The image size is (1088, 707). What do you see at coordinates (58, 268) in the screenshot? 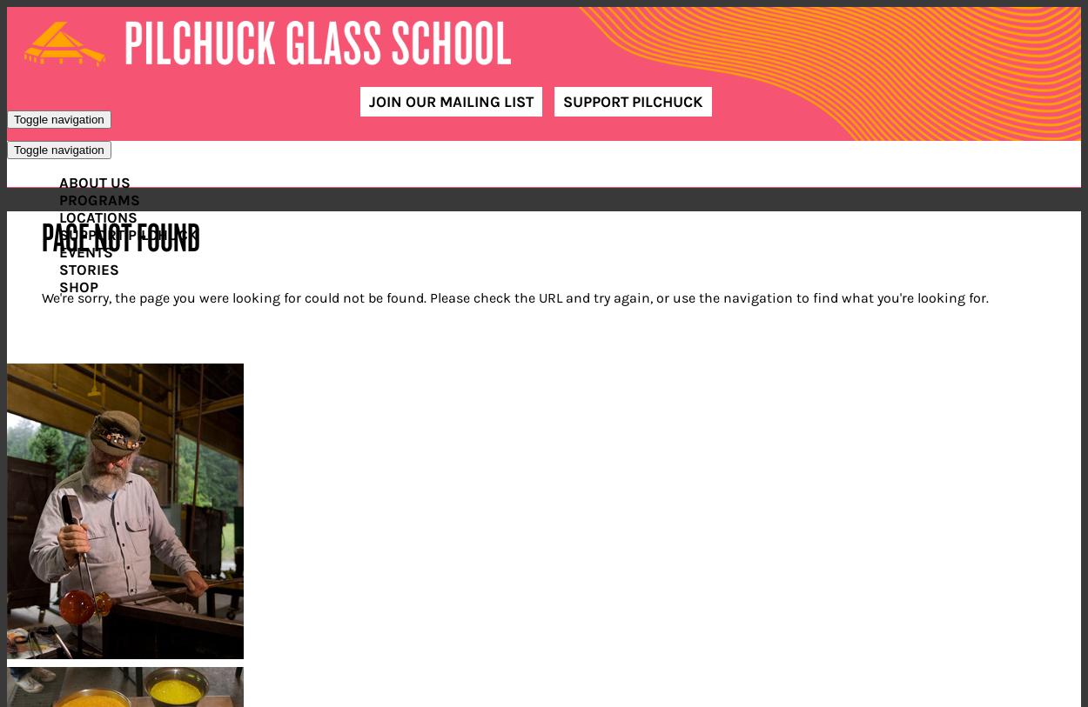
I see `'Stories'` at bounding box center [58, 268].